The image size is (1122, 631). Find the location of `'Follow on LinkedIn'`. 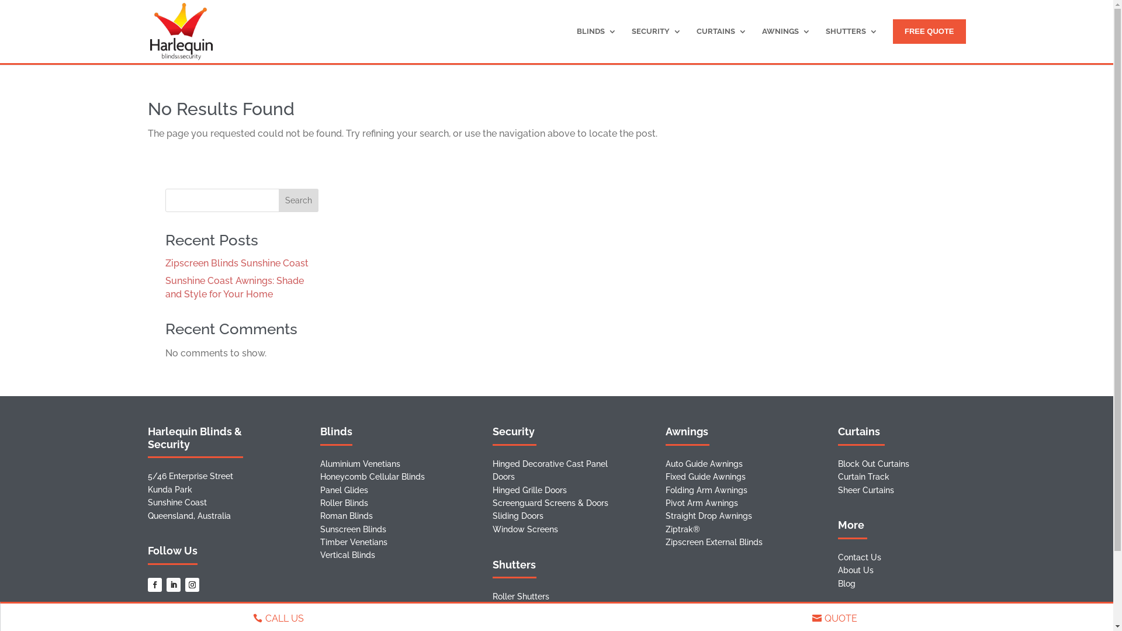

'Follow on LinkedIn' is located at coordinates (172, 585).